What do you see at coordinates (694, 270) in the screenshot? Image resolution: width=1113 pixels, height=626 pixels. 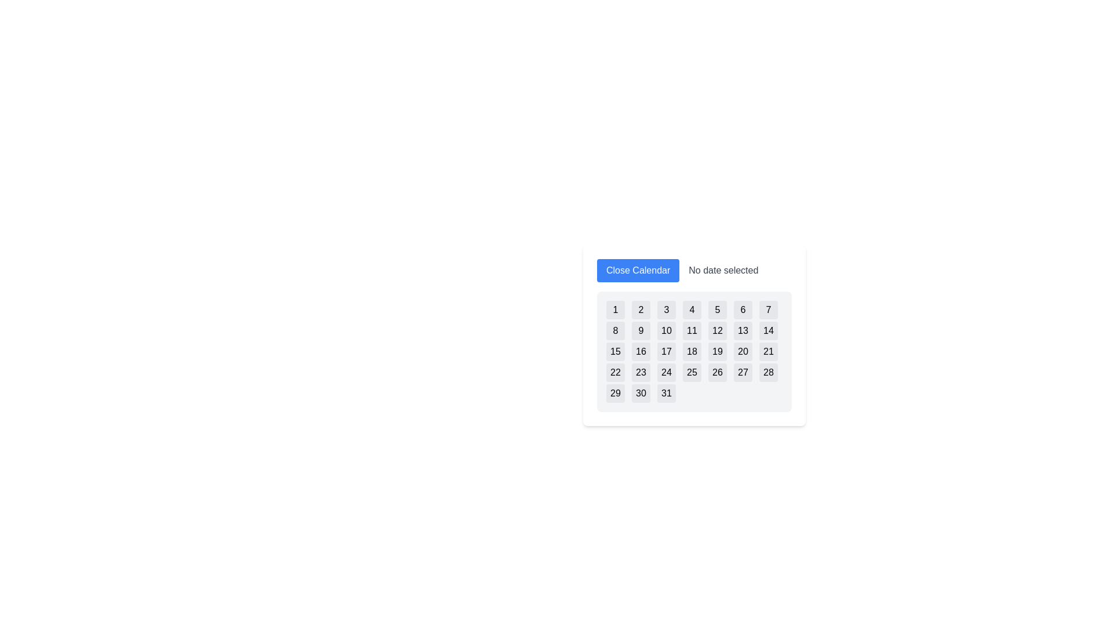 I see `the informational label indicating that no date has been selected in the calendar, positioned to the right of the 'Close Calendar' button in the calendar component's header section` at bounding box center [694, 270].